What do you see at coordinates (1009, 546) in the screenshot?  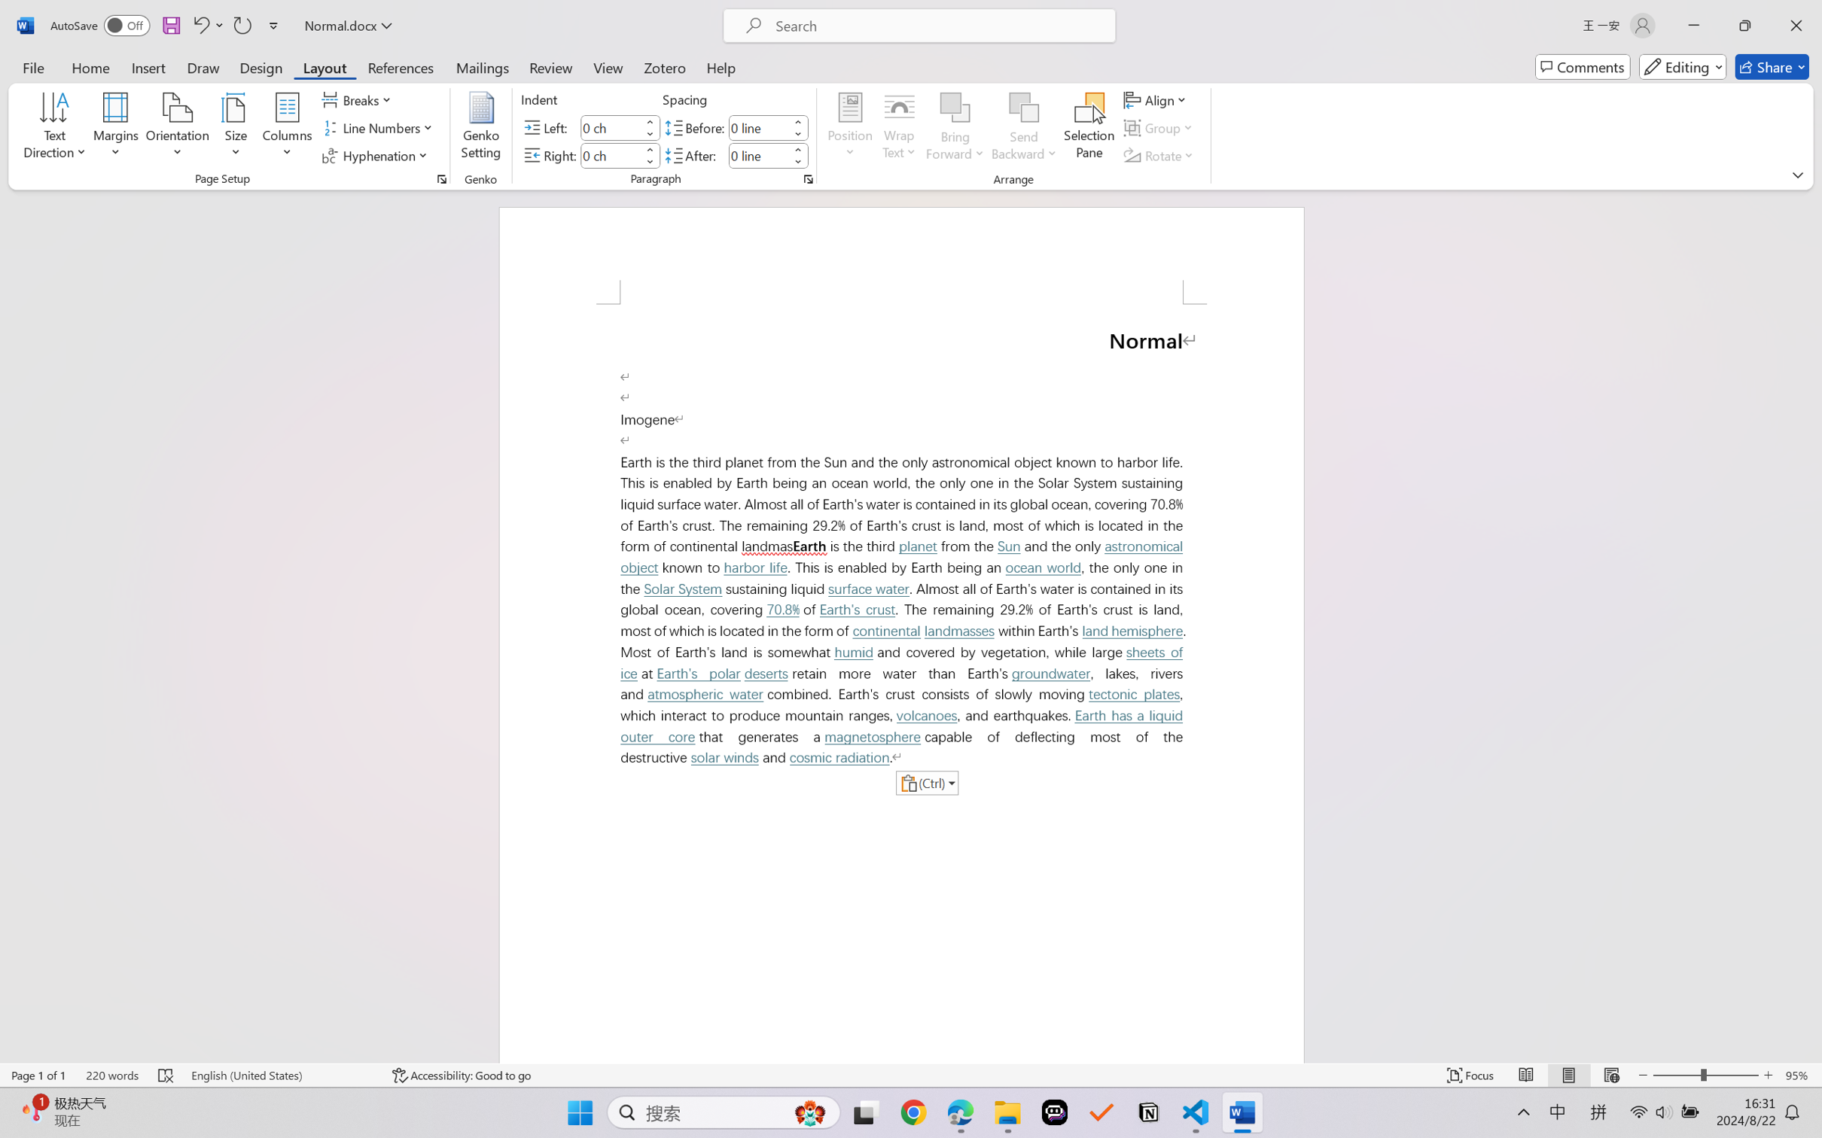 I see `'Sun'` at bounding box center [1009, 546].